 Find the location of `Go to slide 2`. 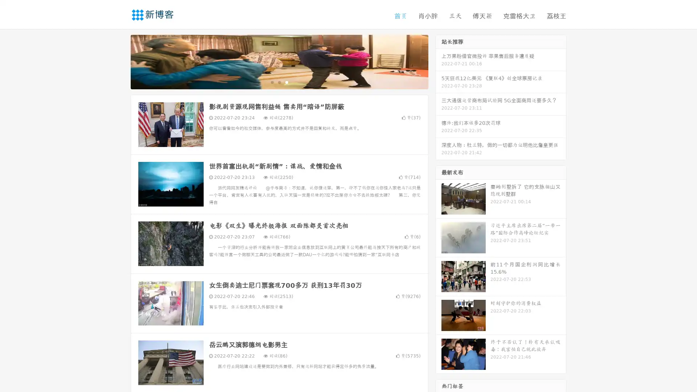

Go to slide 2 is located at coordinates (279, 82).